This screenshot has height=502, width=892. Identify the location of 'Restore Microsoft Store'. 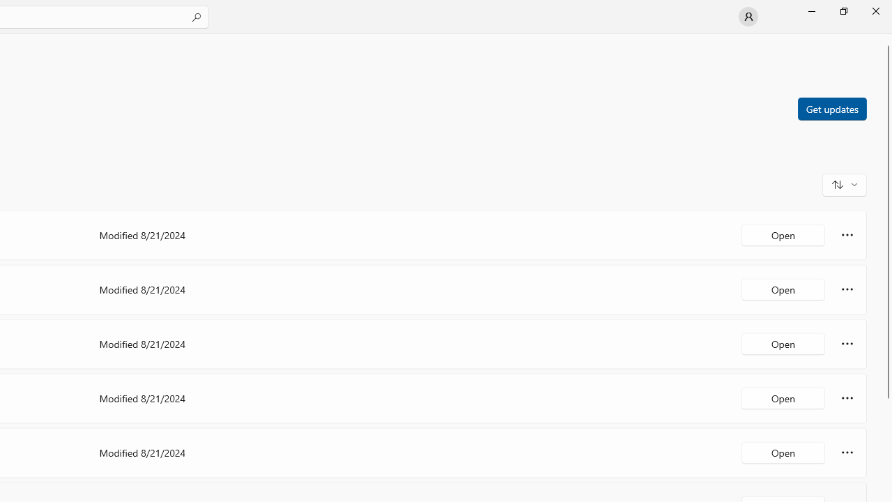
(843, 10).